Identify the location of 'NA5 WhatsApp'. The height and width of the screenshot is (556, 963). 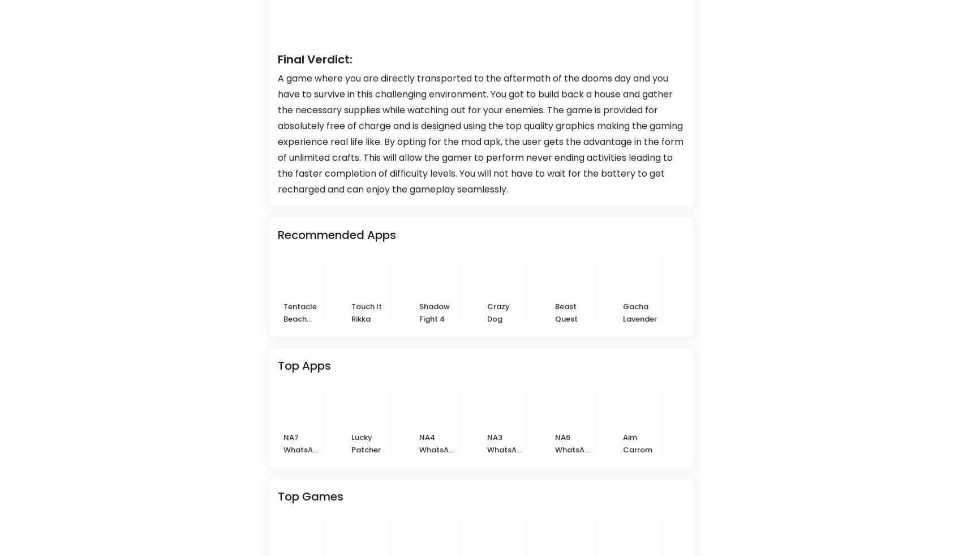
(911, 449).